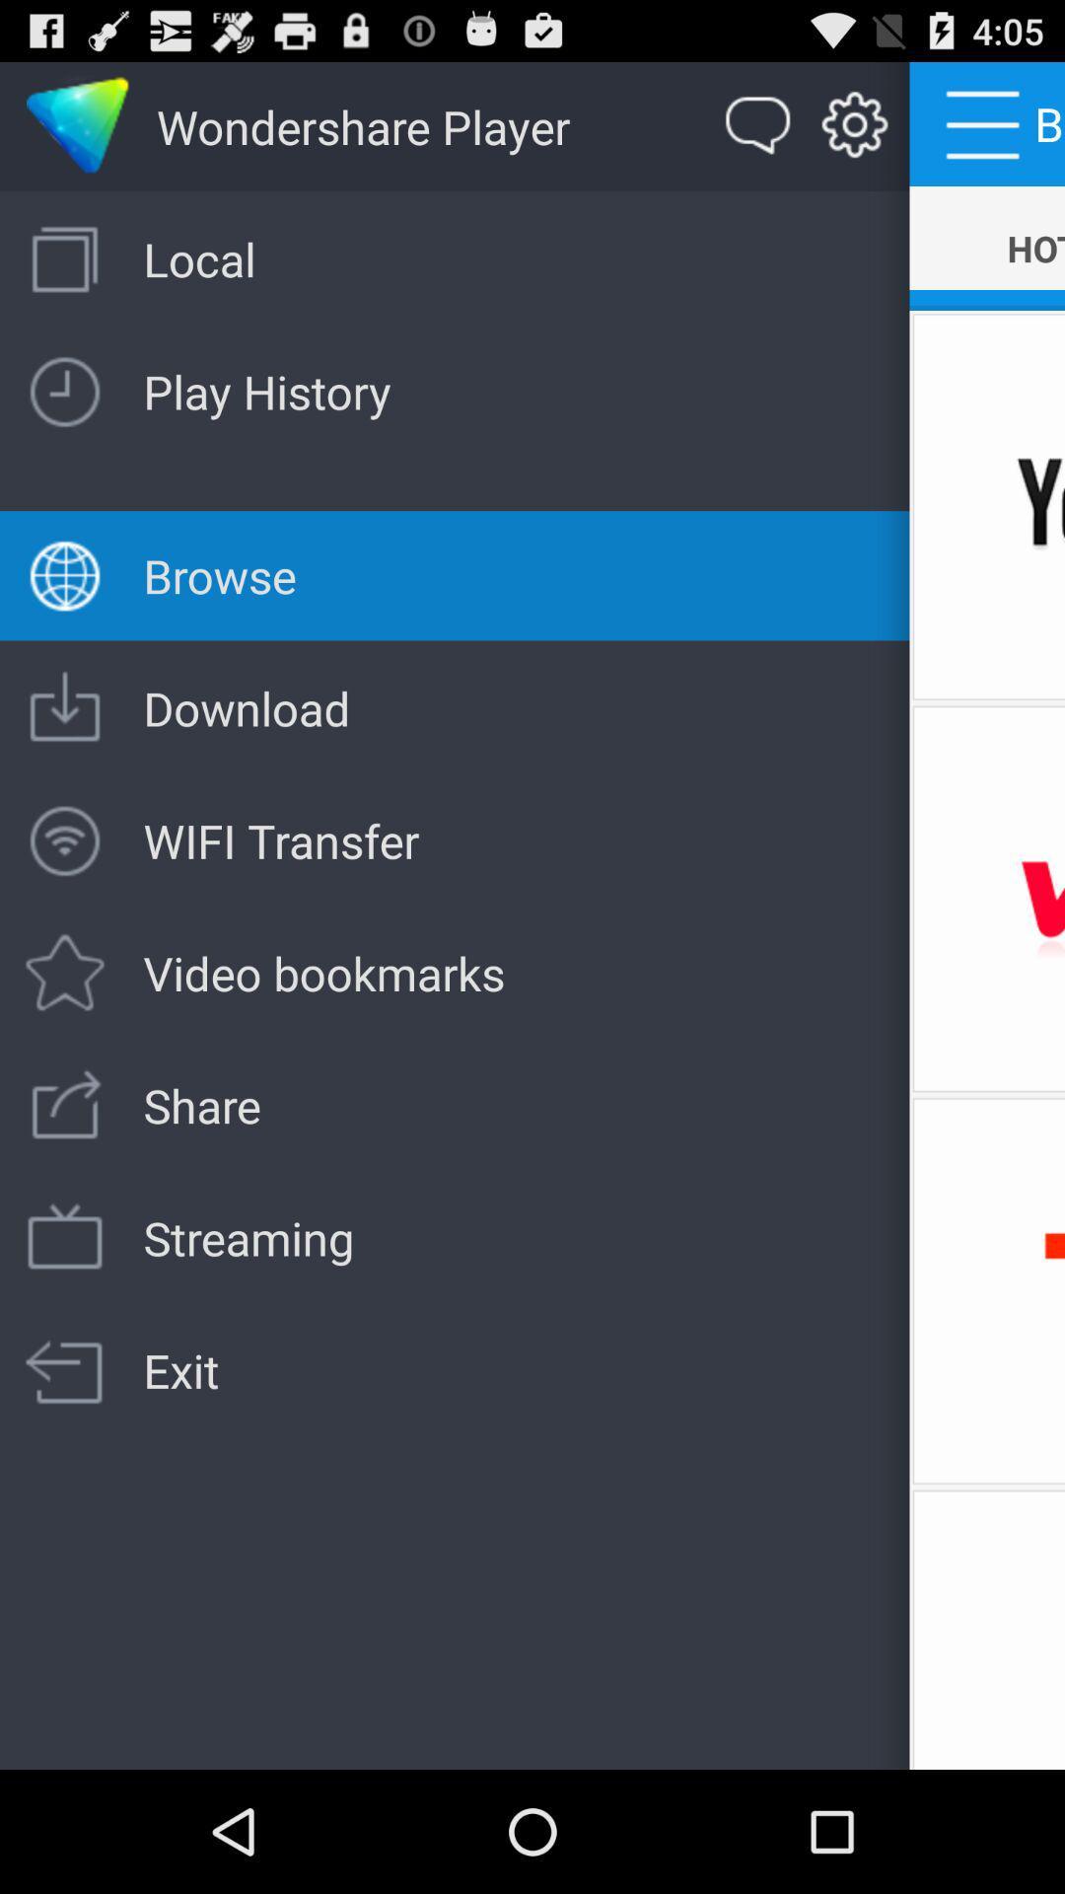 This screenshot has width=1065, height=1894. I want to click on the icon left to settings icon, so click(758, 125).